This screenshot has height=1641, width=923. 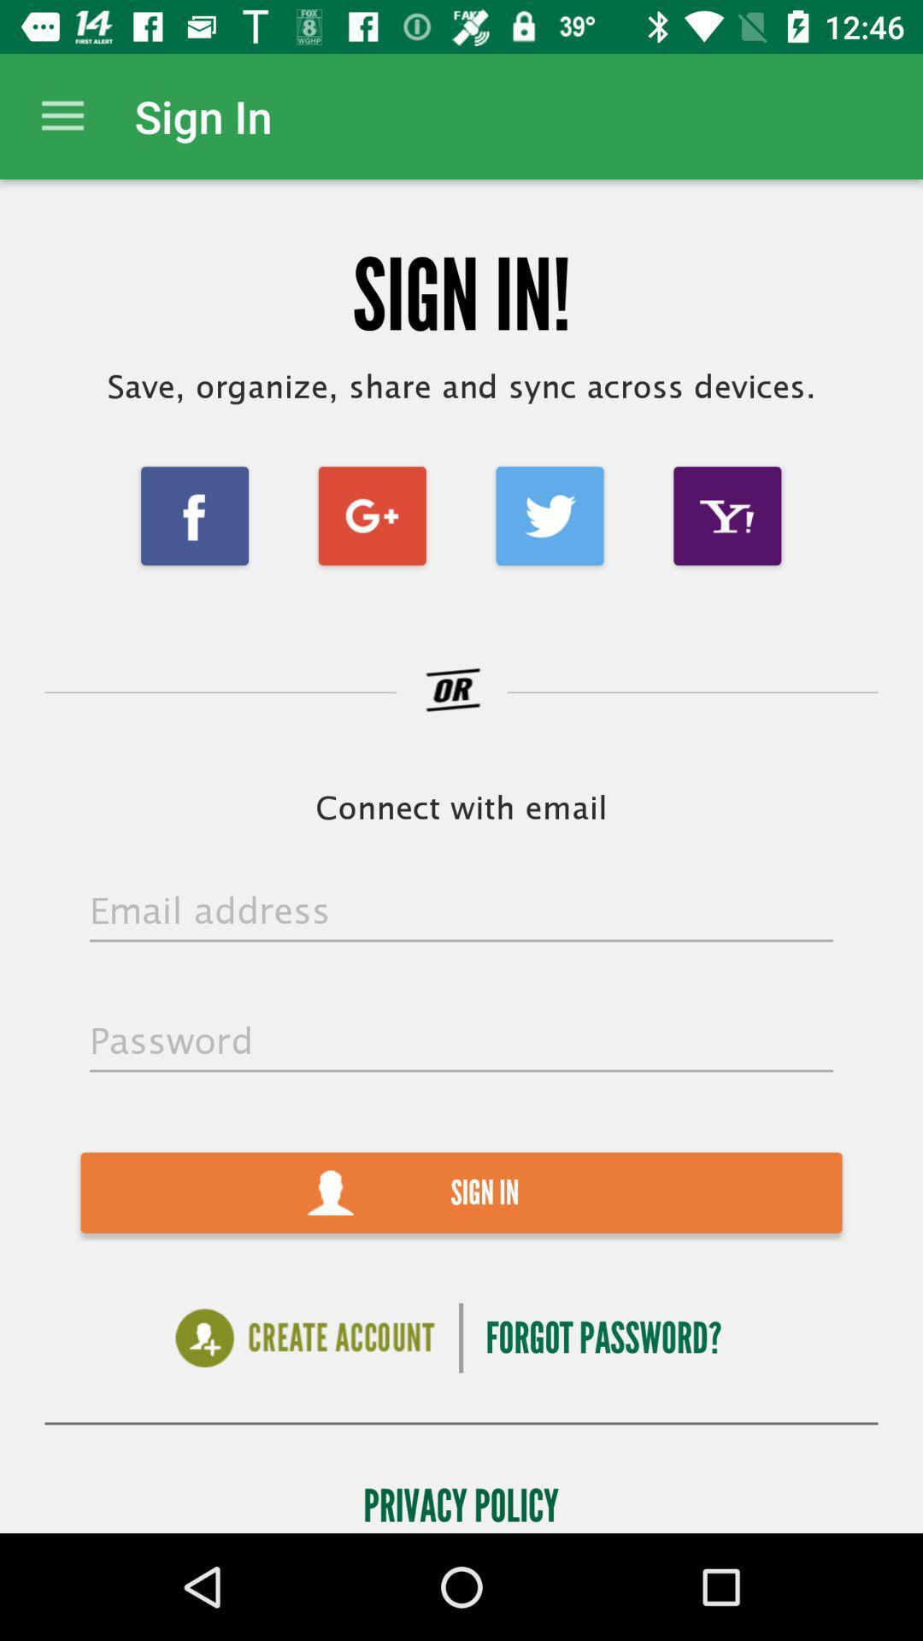 I want to click on privacy policy icon, so click(x=460, y=1500).